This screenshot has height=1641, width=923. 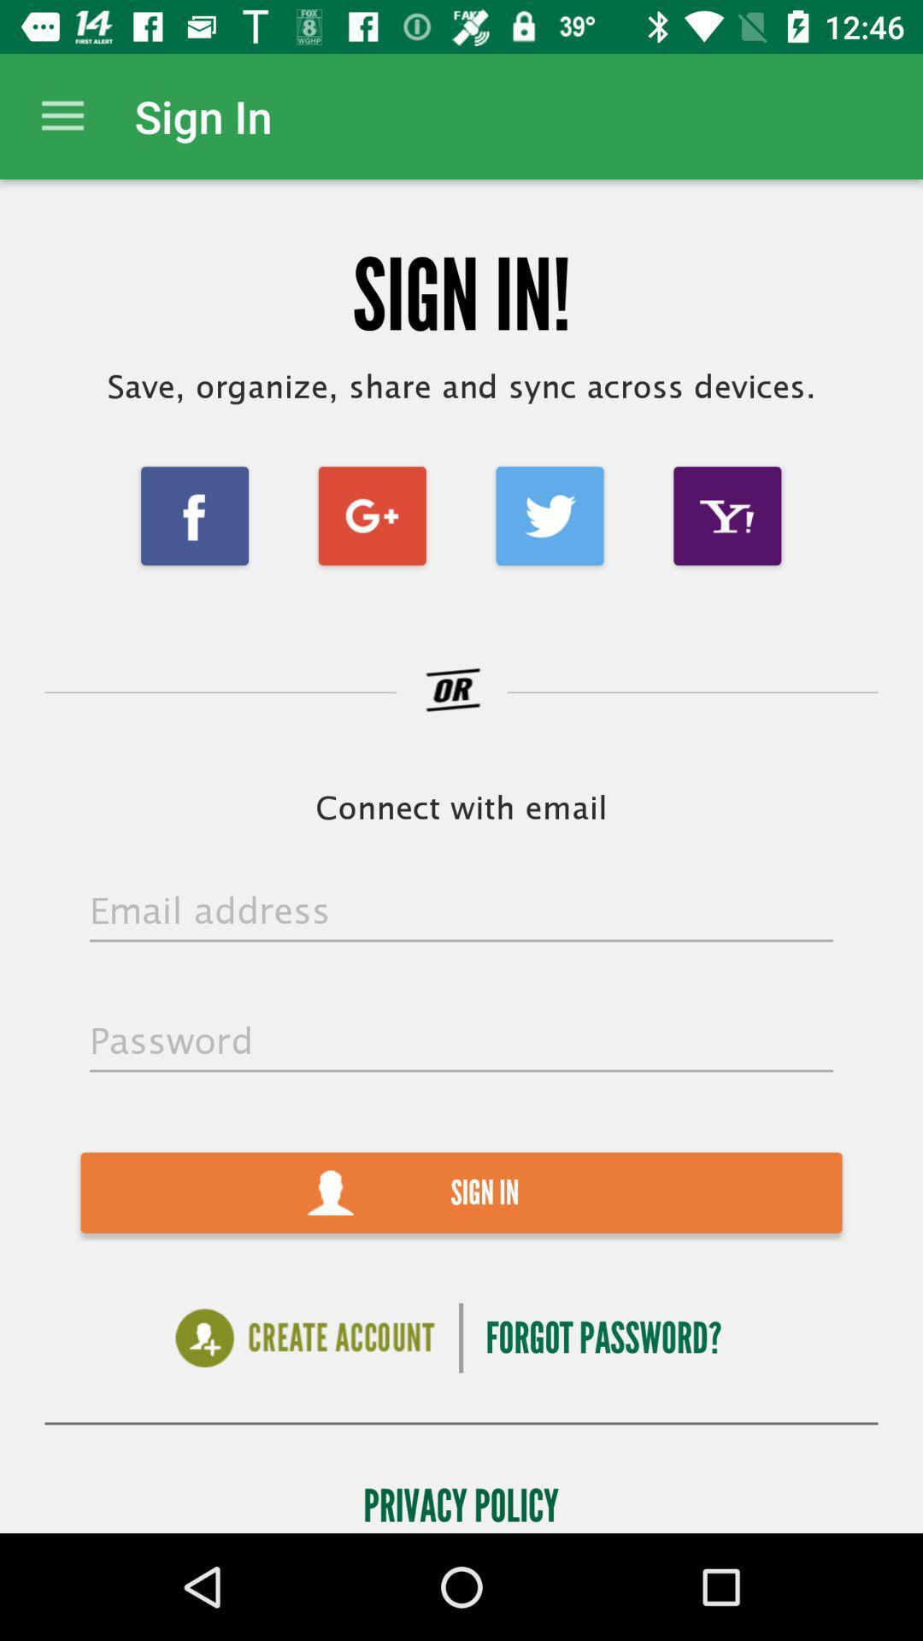 I want to click on privacy policy icon, so click(x=460, y=1500).